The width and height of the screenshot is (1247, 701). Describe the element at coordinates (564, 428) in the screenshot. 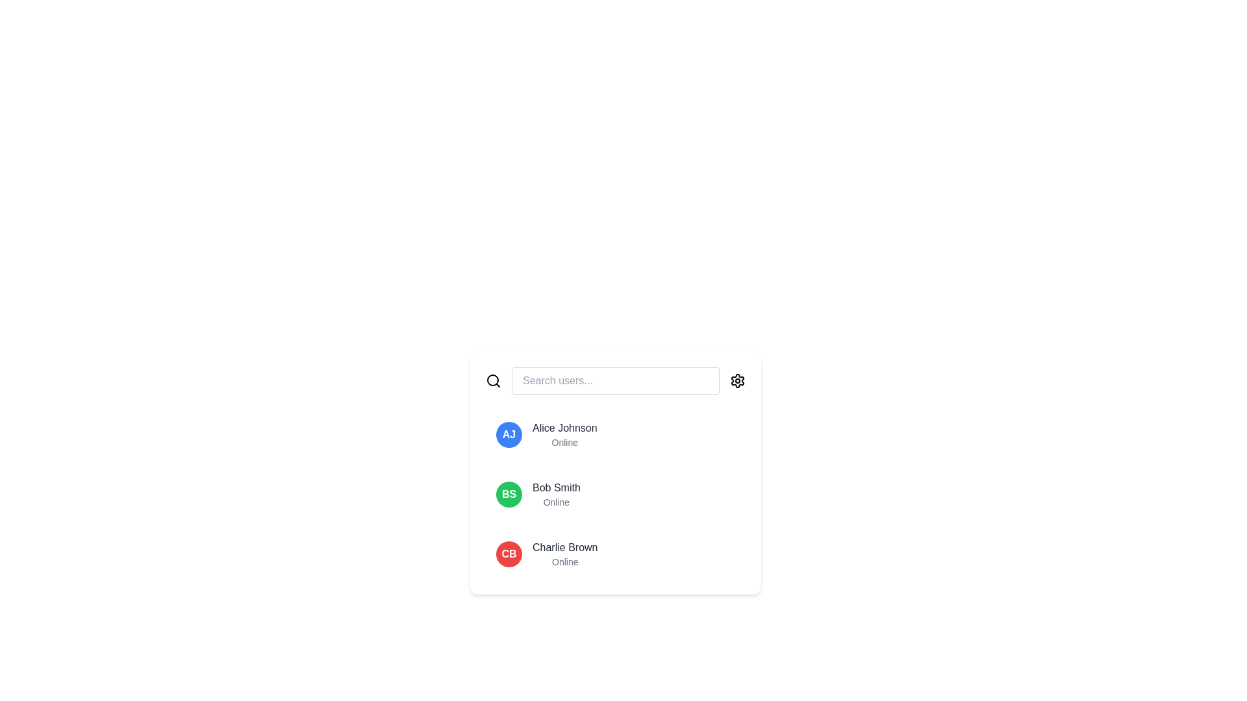

I see `the text label displaying the name 'Alice Johnson'` at that location.